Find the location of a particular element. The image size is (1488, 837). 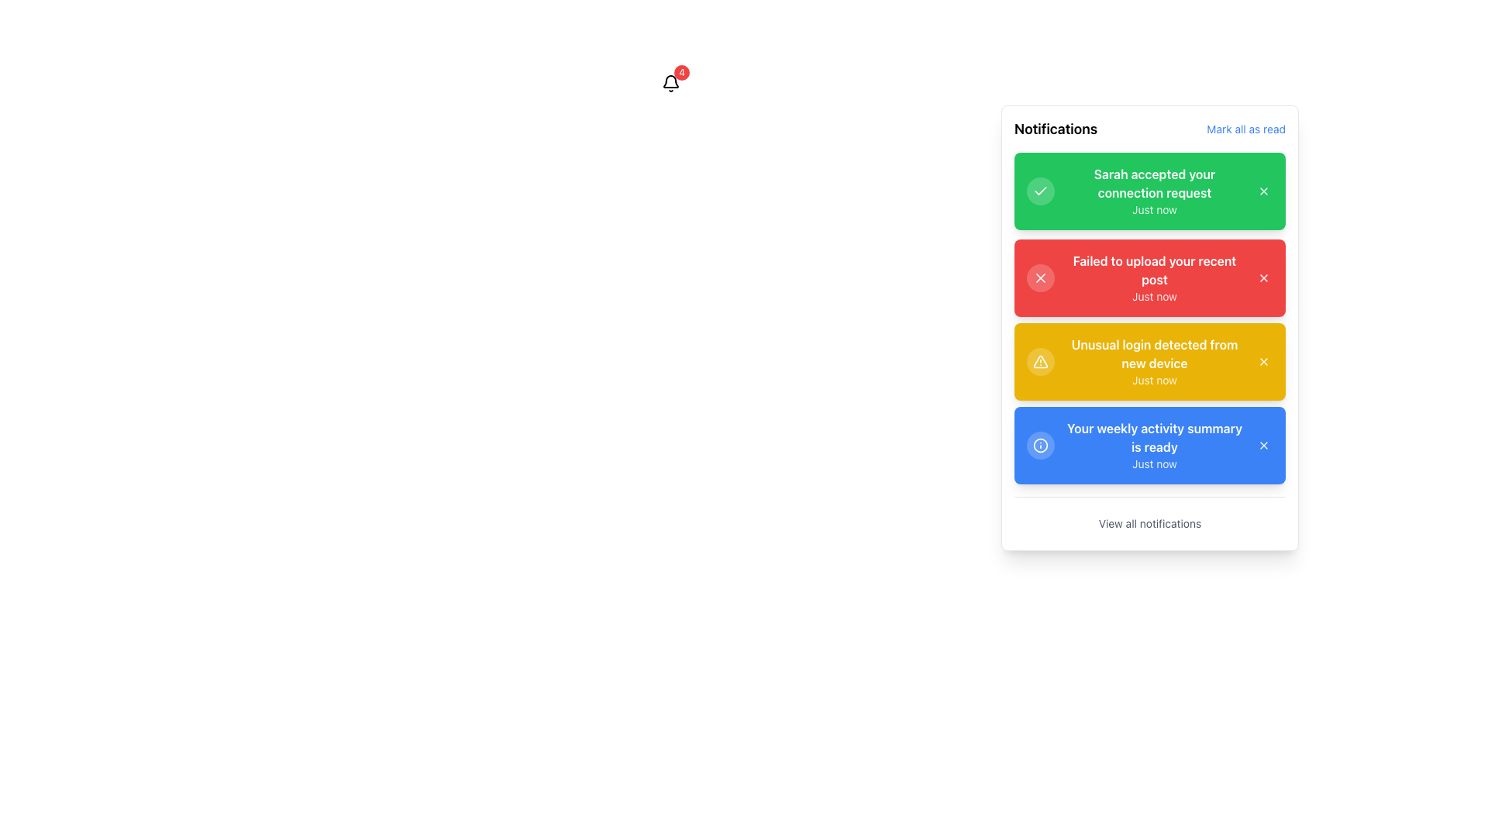

the dismiss button located at the far right edge of the topmost notification card is located at coordinates (1264, 190).